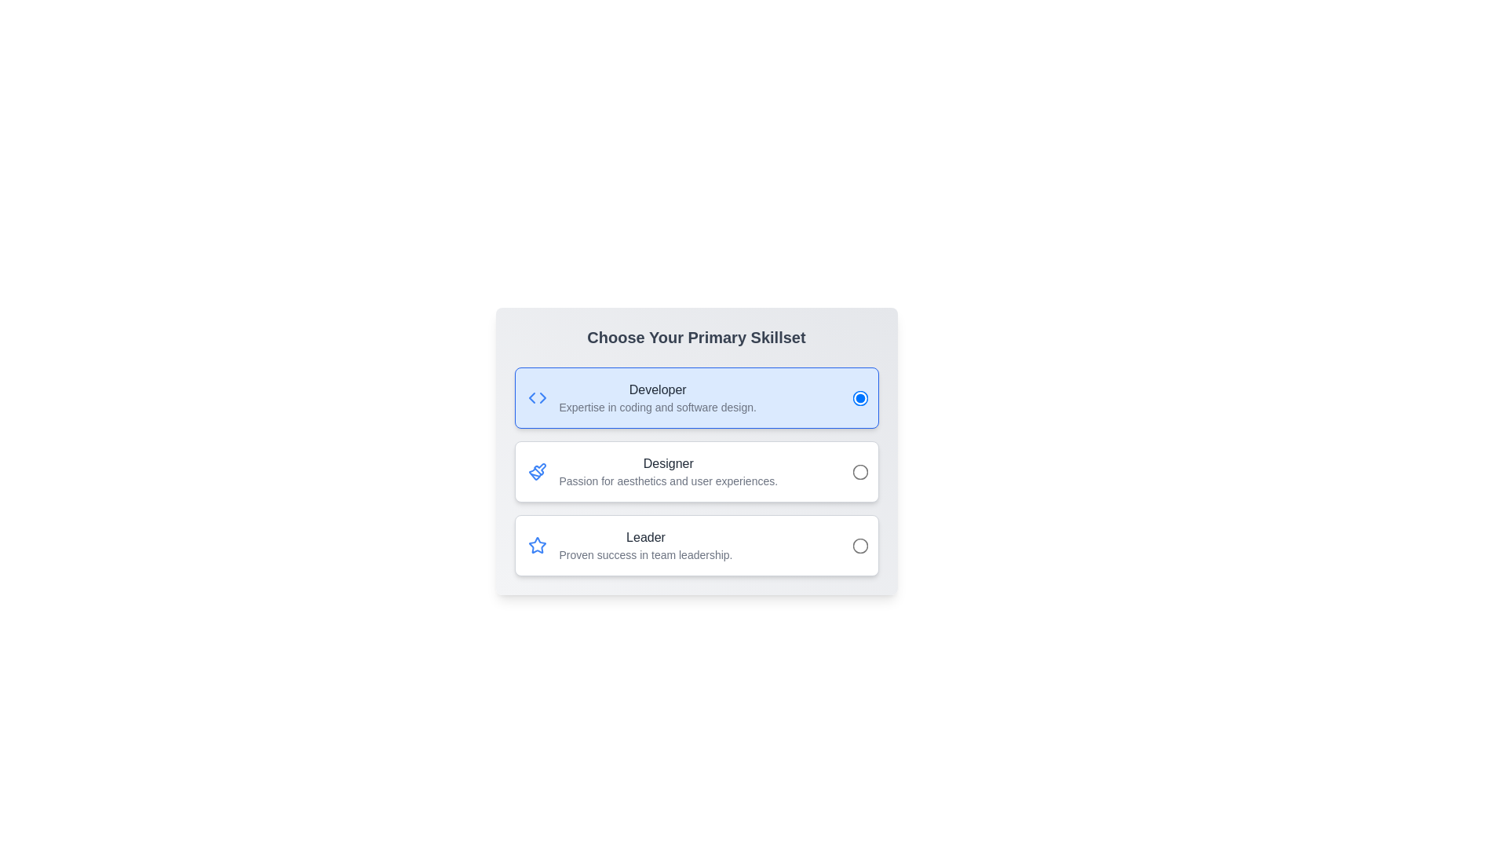  I want to click on the decorative 'Leader' icon located within the 'Leader' option card, positioned on the left side of the text caption, so click(537, 544).